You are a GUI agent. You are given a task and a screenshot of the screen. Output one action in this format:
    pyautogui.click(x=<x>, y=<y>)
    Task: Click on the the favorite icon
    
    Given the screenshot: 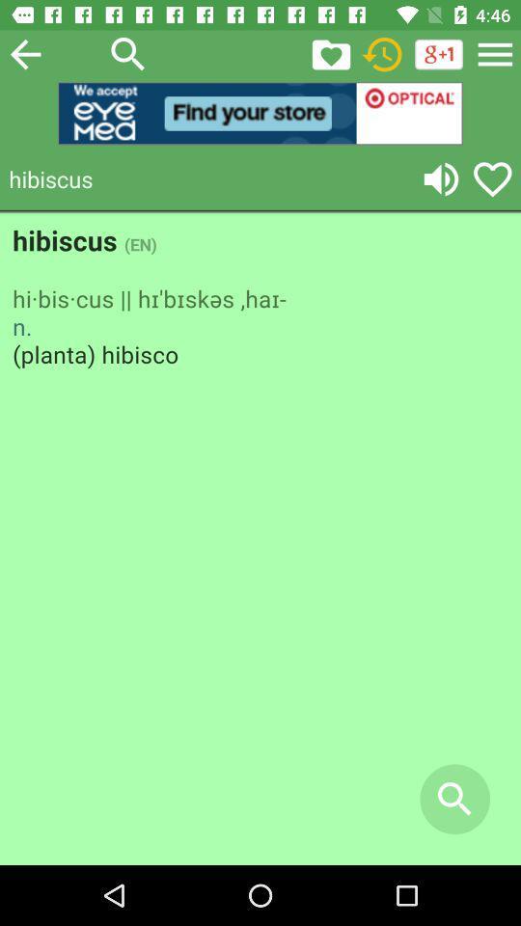 What is the action you would take?
    pyautogui.click(x=492, y=178)
    